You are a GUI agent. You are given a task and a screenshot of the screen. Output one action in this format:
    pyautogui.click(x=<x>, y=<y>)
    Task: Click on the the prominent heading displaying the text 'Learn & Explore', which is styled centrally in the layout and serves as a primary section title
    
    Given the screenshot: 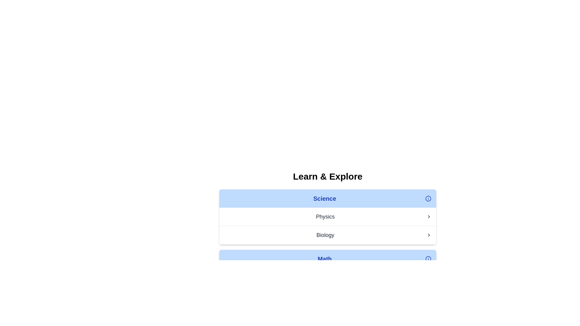 What is the action you would take?
    pyautogui.click(x=327, y=177)
    